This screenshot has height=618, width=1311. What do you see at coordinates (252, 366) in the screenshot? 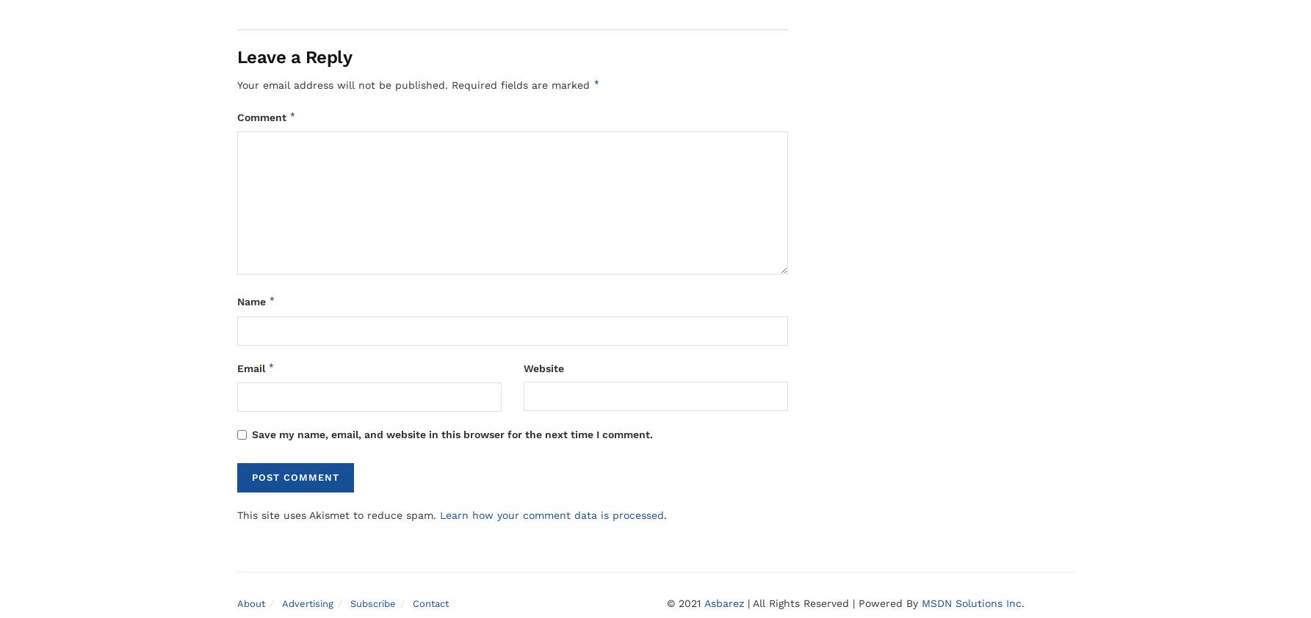
I see `'Email'` at bounding box center [252, 366].